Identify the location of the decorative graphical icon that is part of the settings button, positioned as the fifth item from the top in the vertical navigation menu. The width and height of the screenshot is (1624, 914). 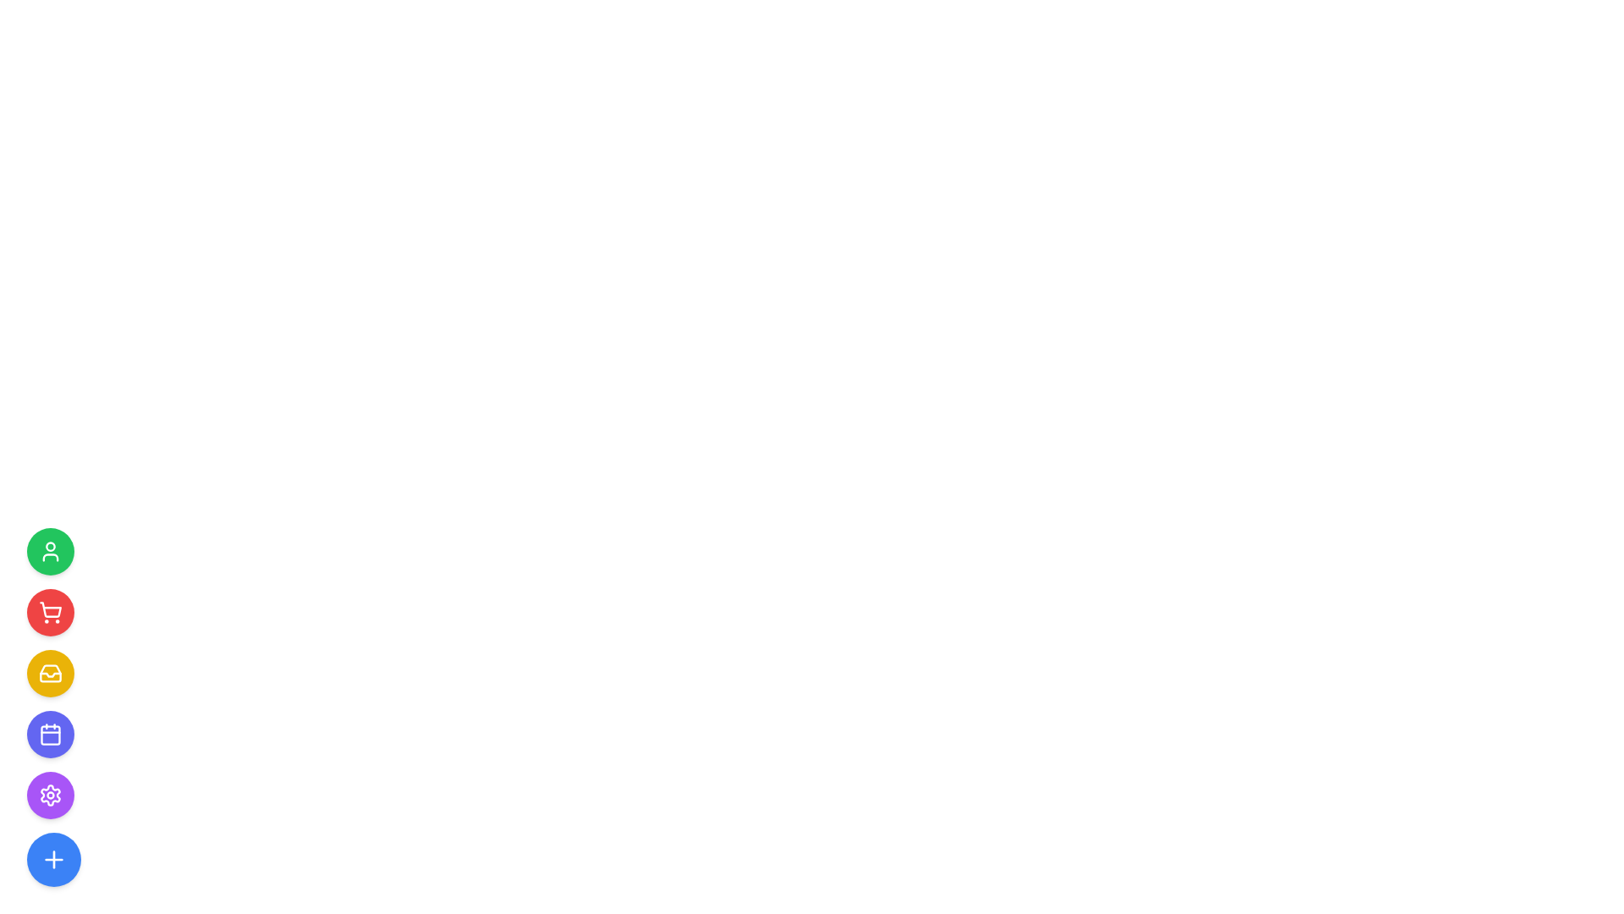
(50, 796).